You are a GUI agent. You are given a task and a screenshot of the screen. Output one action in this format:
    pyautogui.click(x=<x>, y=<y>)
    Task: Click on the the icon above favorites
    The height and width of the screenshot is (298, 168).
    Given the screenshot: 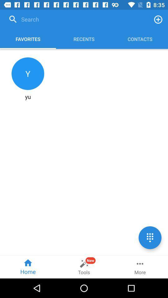 What is the action you would take?
    pyautogui.click(x=77, y=19)
    